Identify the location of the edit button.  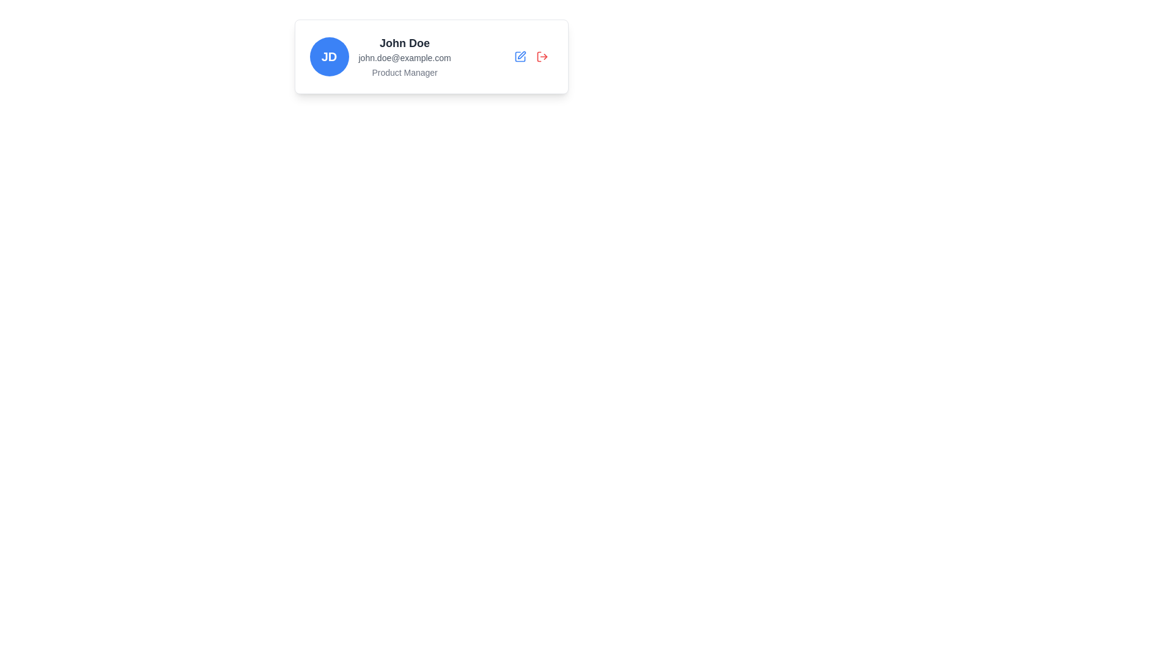
(520, 56).